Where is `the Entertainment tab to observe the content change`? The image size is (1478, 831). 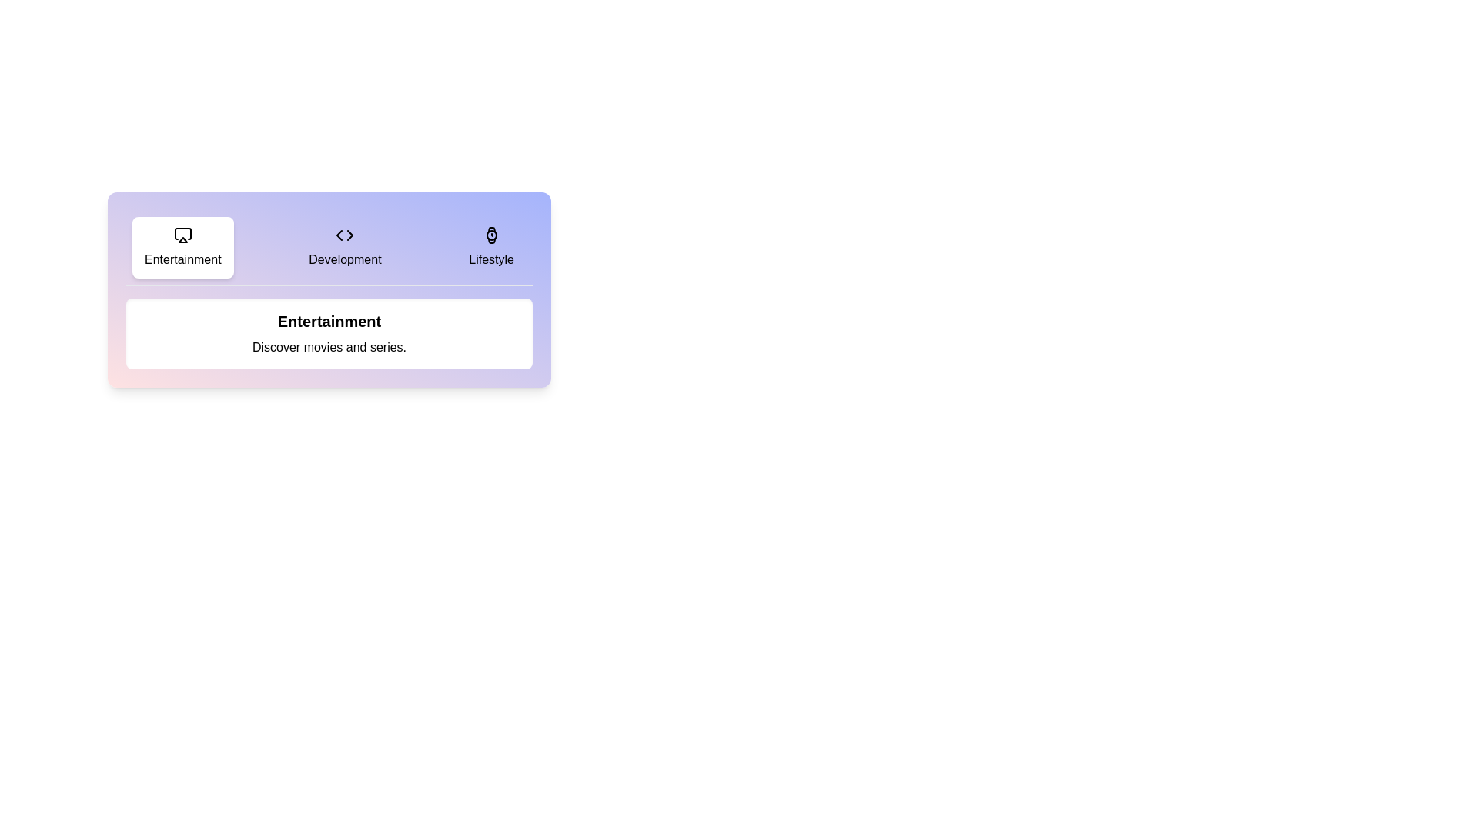
the Entertainment tab to observe the content change is located at coordinates (182, 246).